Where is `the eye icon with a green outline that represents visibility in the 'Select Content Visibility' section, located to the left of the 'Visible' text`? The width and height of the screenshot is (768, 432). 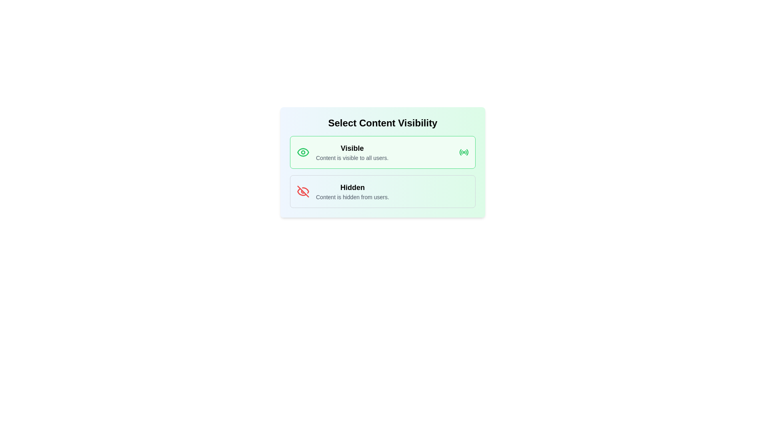 the eye icon with a green outline that represents visibility in the 'Select Content Visibility' section, located to the left of the 'Visible' text is located at coordinates (303, 152).